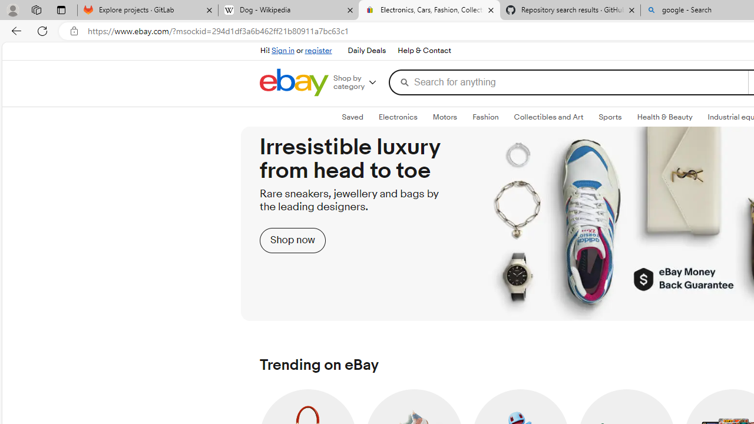  What do you see at coordinates (444, 117) in the screenshot?
I see `'MotorsExpand: Motors'` at bounding box center [444, 117].